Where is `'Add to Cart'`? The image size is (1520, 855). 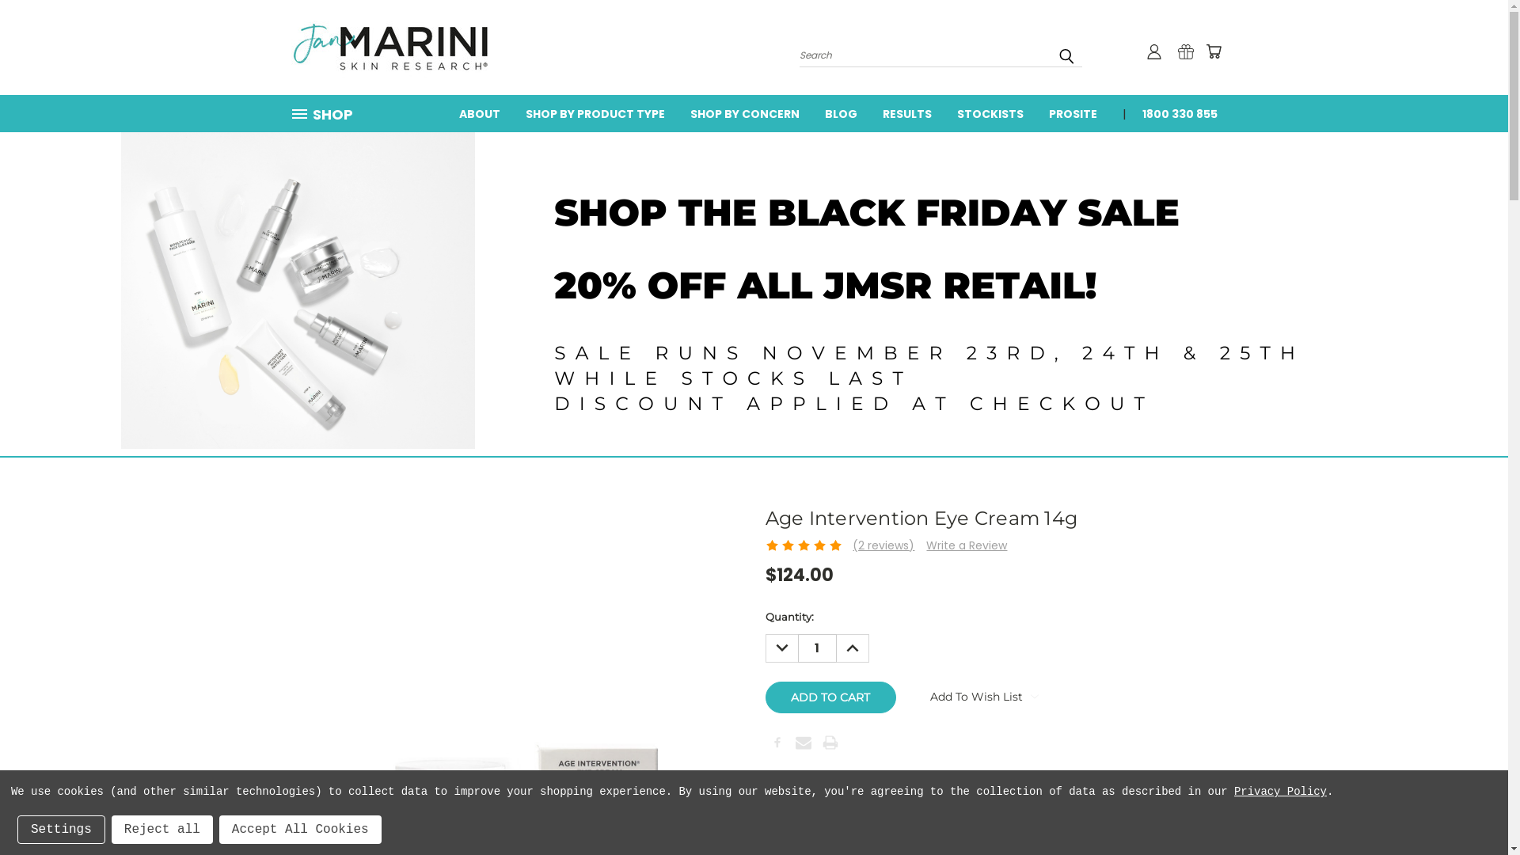
'Add to Cart' is located at coordinates (830, 696).